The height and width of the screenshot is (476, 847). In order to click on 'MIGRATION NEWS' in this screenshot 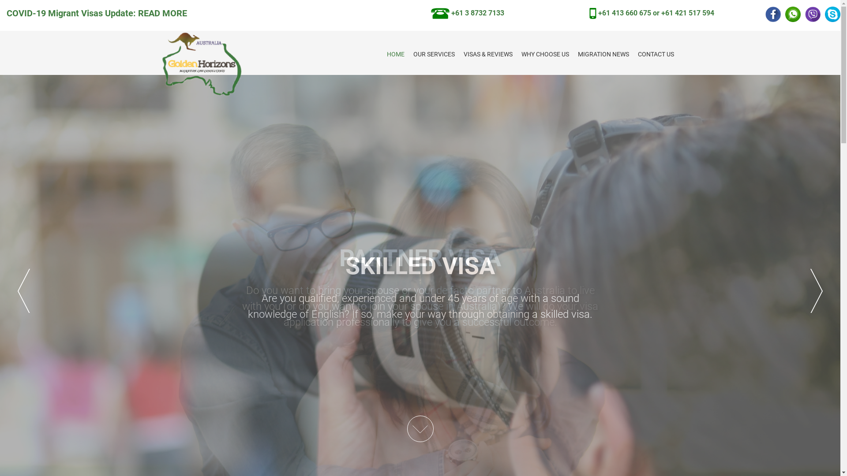, I will do `click(603, 54)`.